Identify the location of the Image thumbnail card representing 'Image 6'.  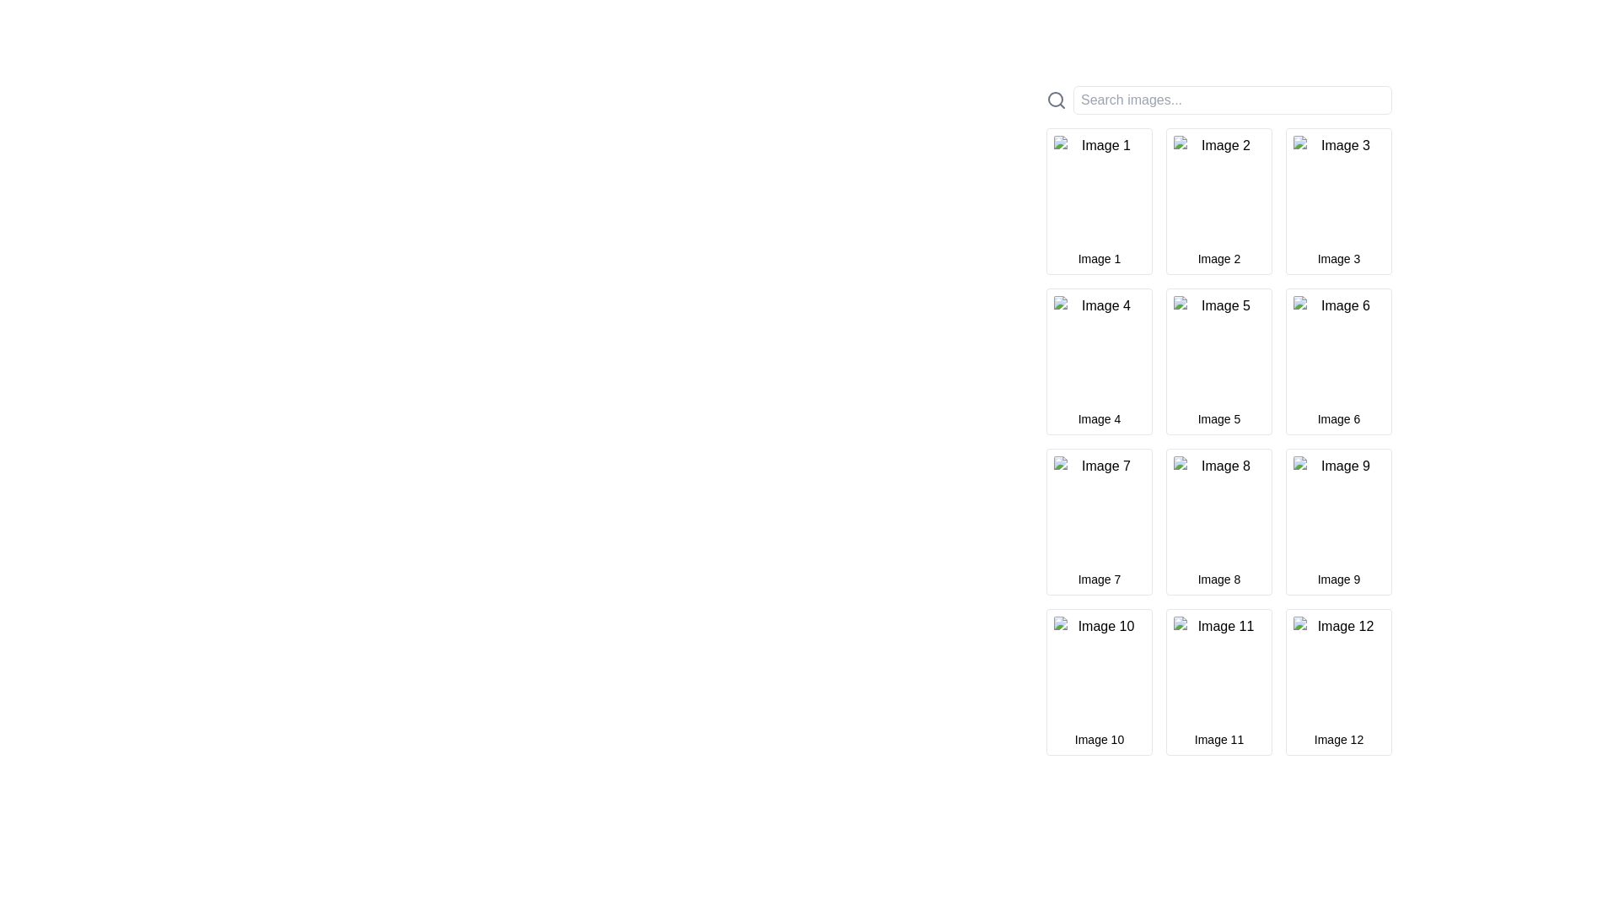
(1338, 360).